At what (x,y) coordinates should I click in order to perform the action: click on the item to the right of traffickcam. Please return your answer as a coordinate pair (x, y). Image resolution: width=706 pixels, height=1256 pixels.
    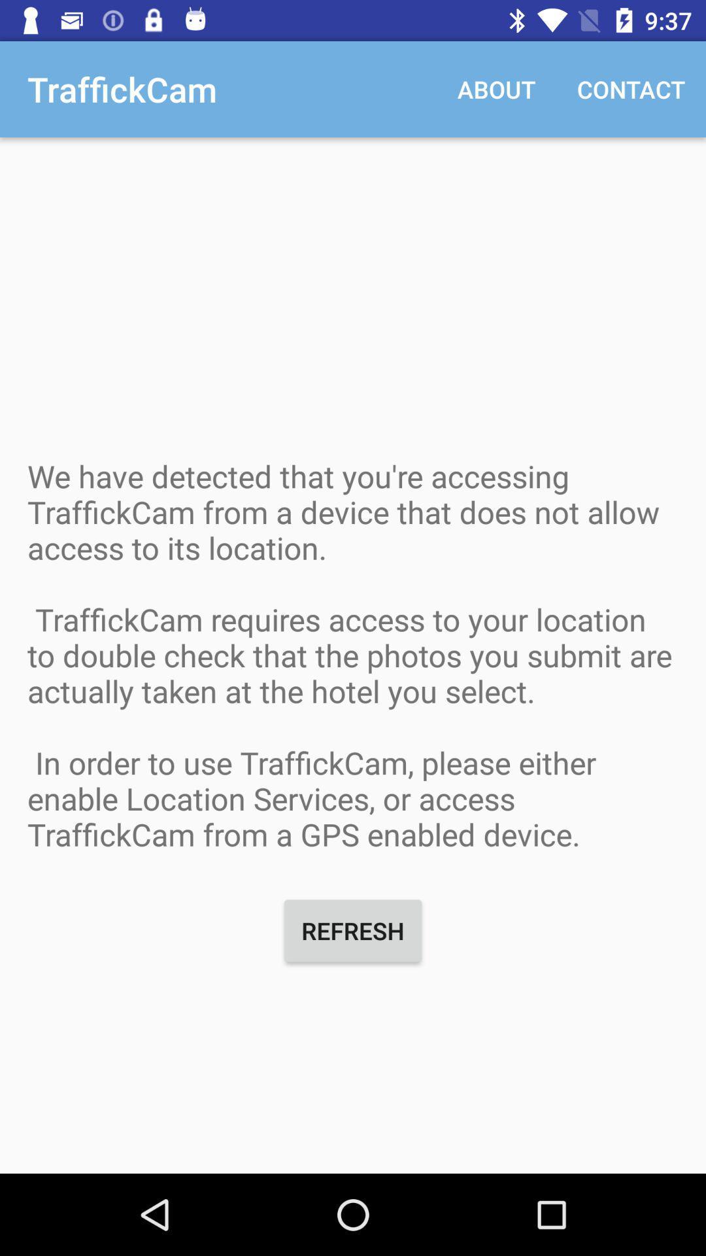
    Looking at the image, I should click on (496, 88).